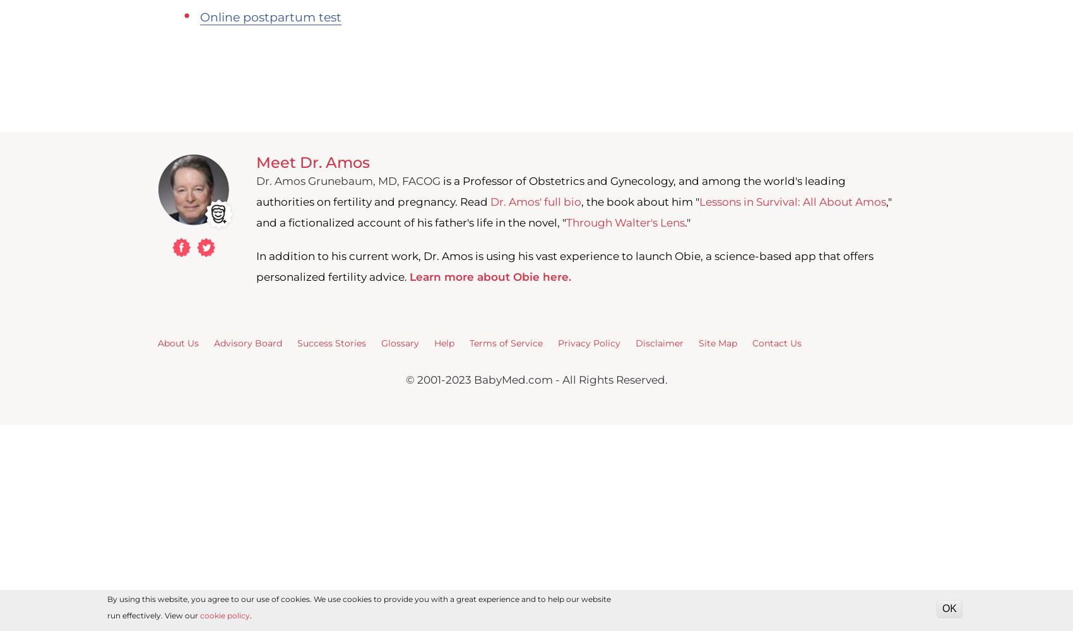 The height and width of the screenshot is (631, 1073). Describe the element at coordinates (347, 181) in the screenshot. I see `'Dr. Amos Grunebaum, MD, FACOG'` at that location.